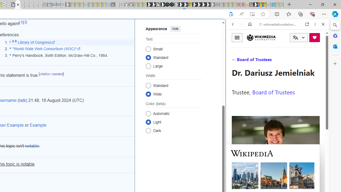 The height and width of the screenshot is (192, 341). I want to click on 'Jump up to: a', so click(13, 42).